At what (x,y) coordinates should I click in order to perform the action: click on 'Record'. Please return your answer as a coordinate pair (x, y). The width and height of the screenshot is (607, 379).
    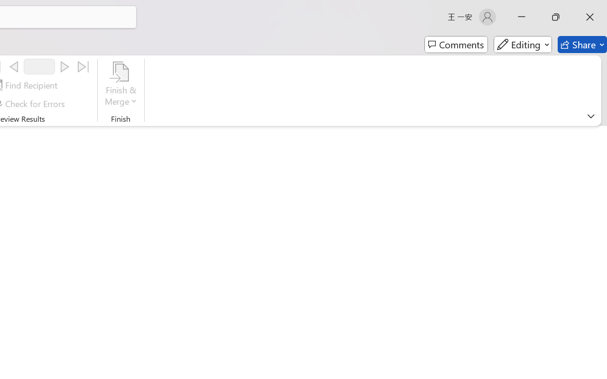
    Looking at the image, I should click on (39, 66).